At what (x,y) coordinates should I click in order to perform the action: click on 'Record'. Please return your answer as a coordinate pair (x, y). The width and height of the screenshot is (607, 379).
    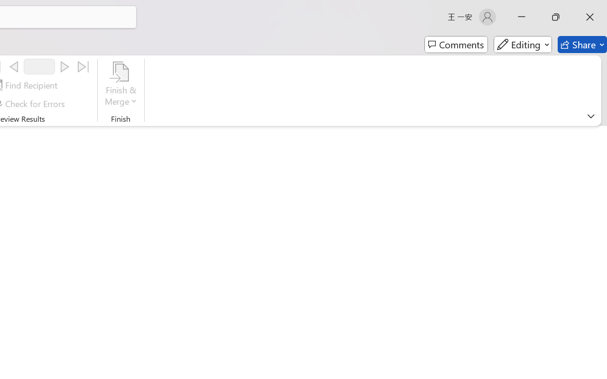
    Looking at the image, I should click on (39, 66).